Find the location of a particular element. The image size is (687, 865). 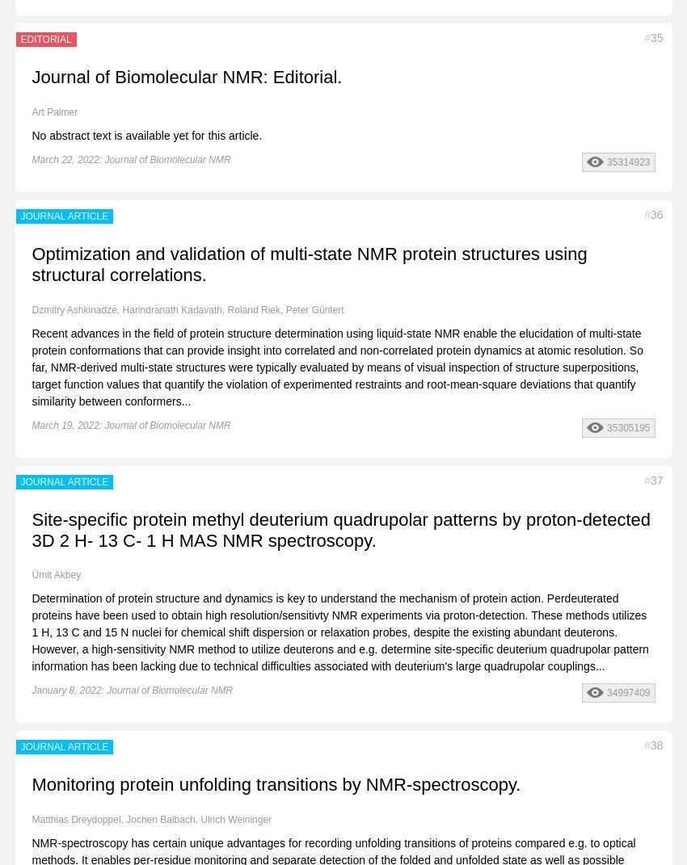

'EDITORIAL' is located at coordinates (45, 39).